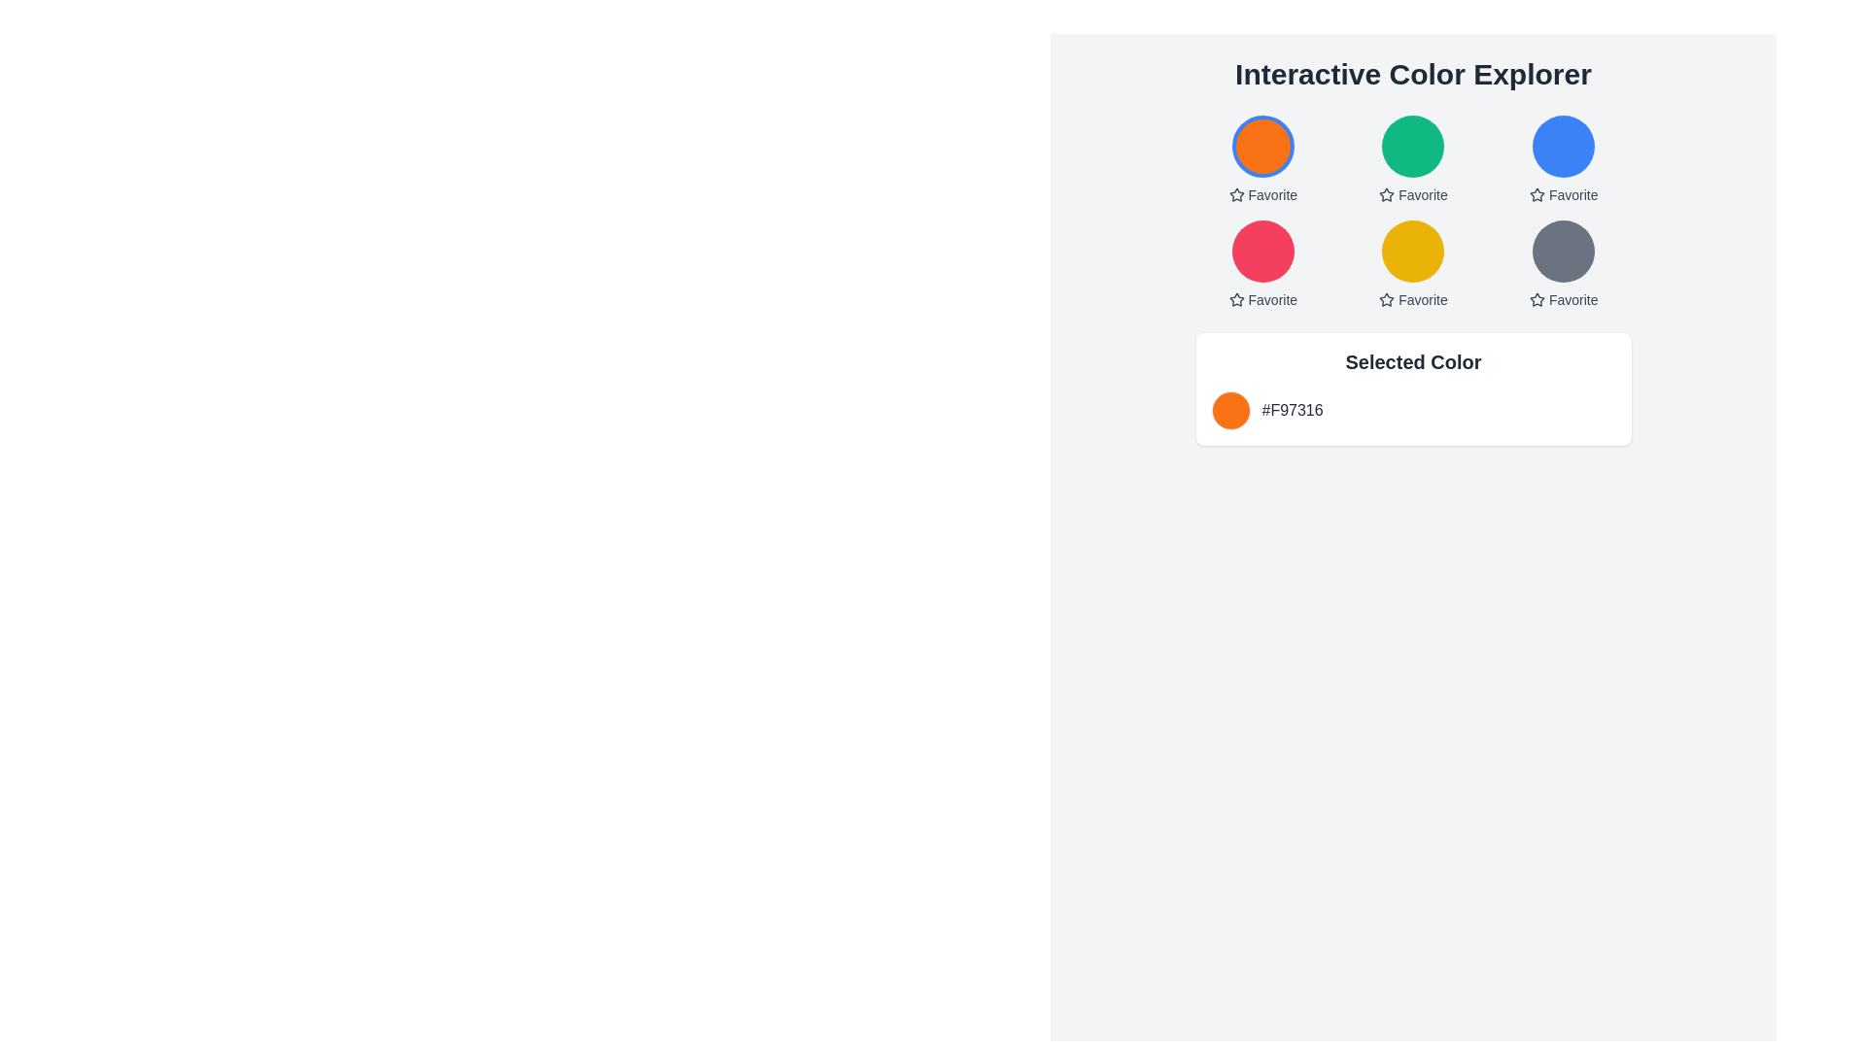  Describe the element at coordinates (1262, 194) in the screenshot. I see `the 'Favorite' button located directly below the orange circular color indicator in the first column of the color selection grid` at that location.